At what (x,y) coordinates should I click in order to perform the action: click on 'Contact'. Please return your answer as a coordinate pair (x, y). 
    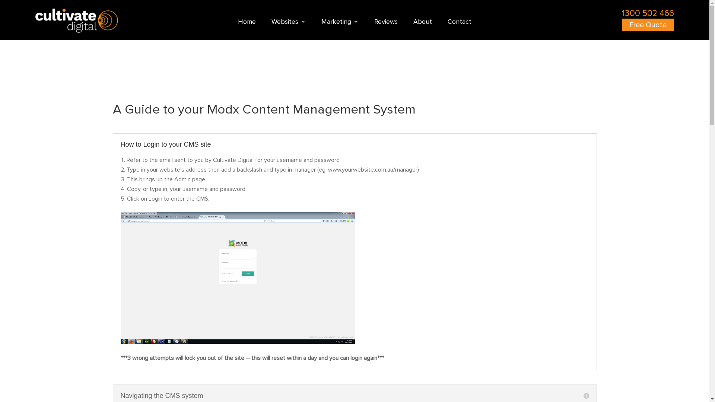
    Looking at the image, I should click on (459, 22).